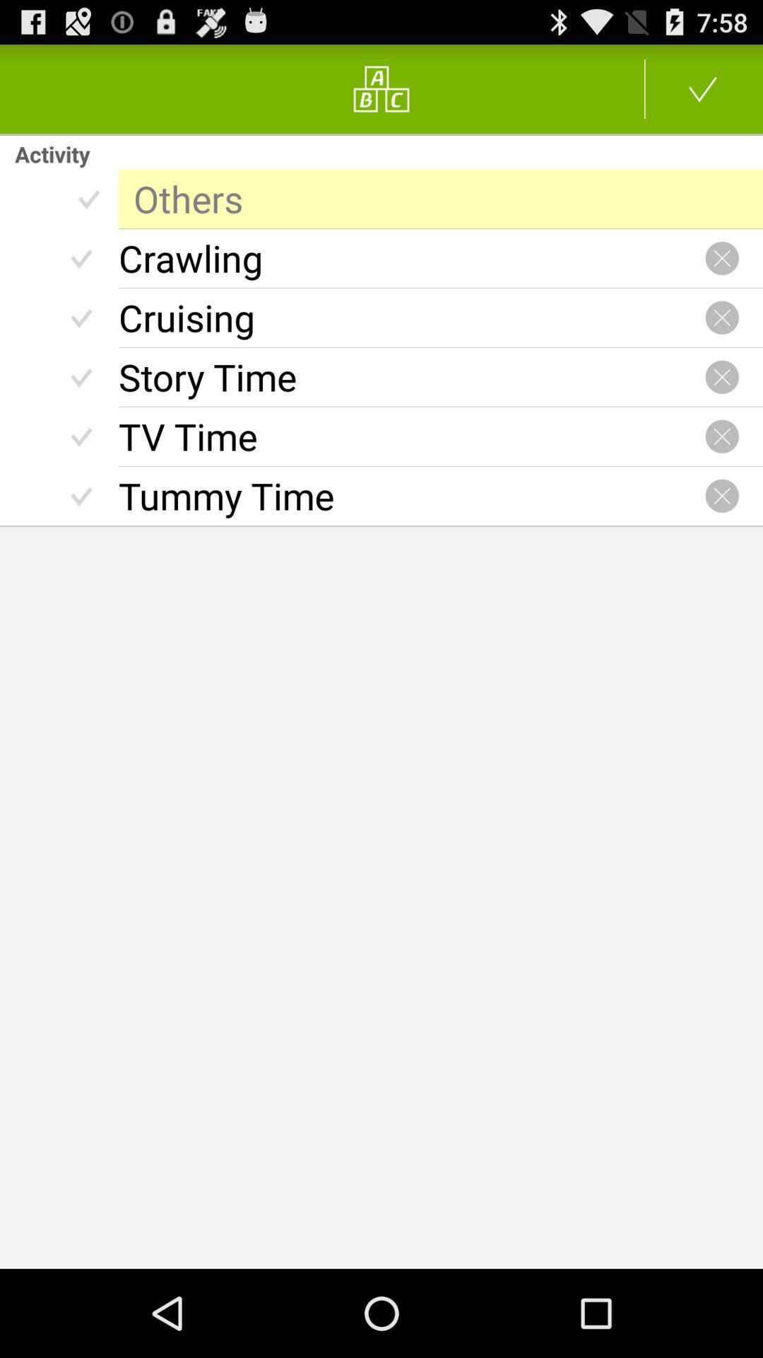 Image resolution: width=763 pixels, height=1358 pixels. Describe the element at coordinates (722, 496) in the screenshot. I see `close` at that location.